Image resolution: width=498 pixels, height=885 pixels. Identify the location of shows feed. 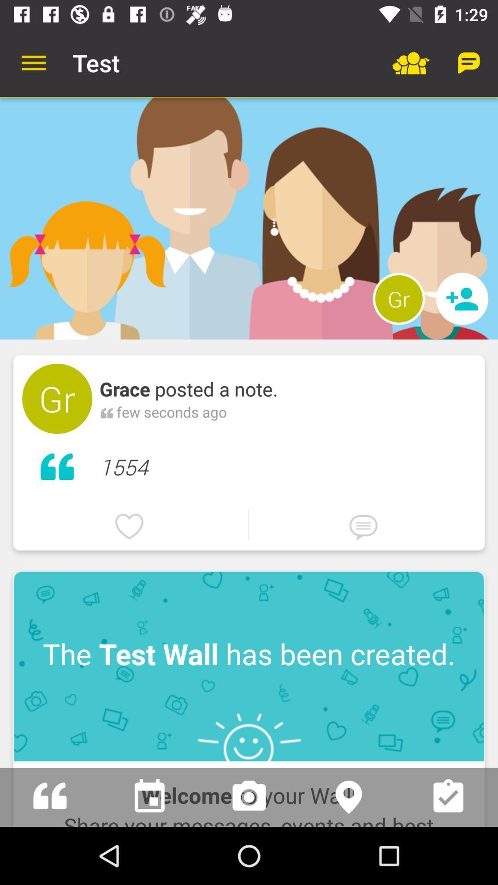
(50, 796).